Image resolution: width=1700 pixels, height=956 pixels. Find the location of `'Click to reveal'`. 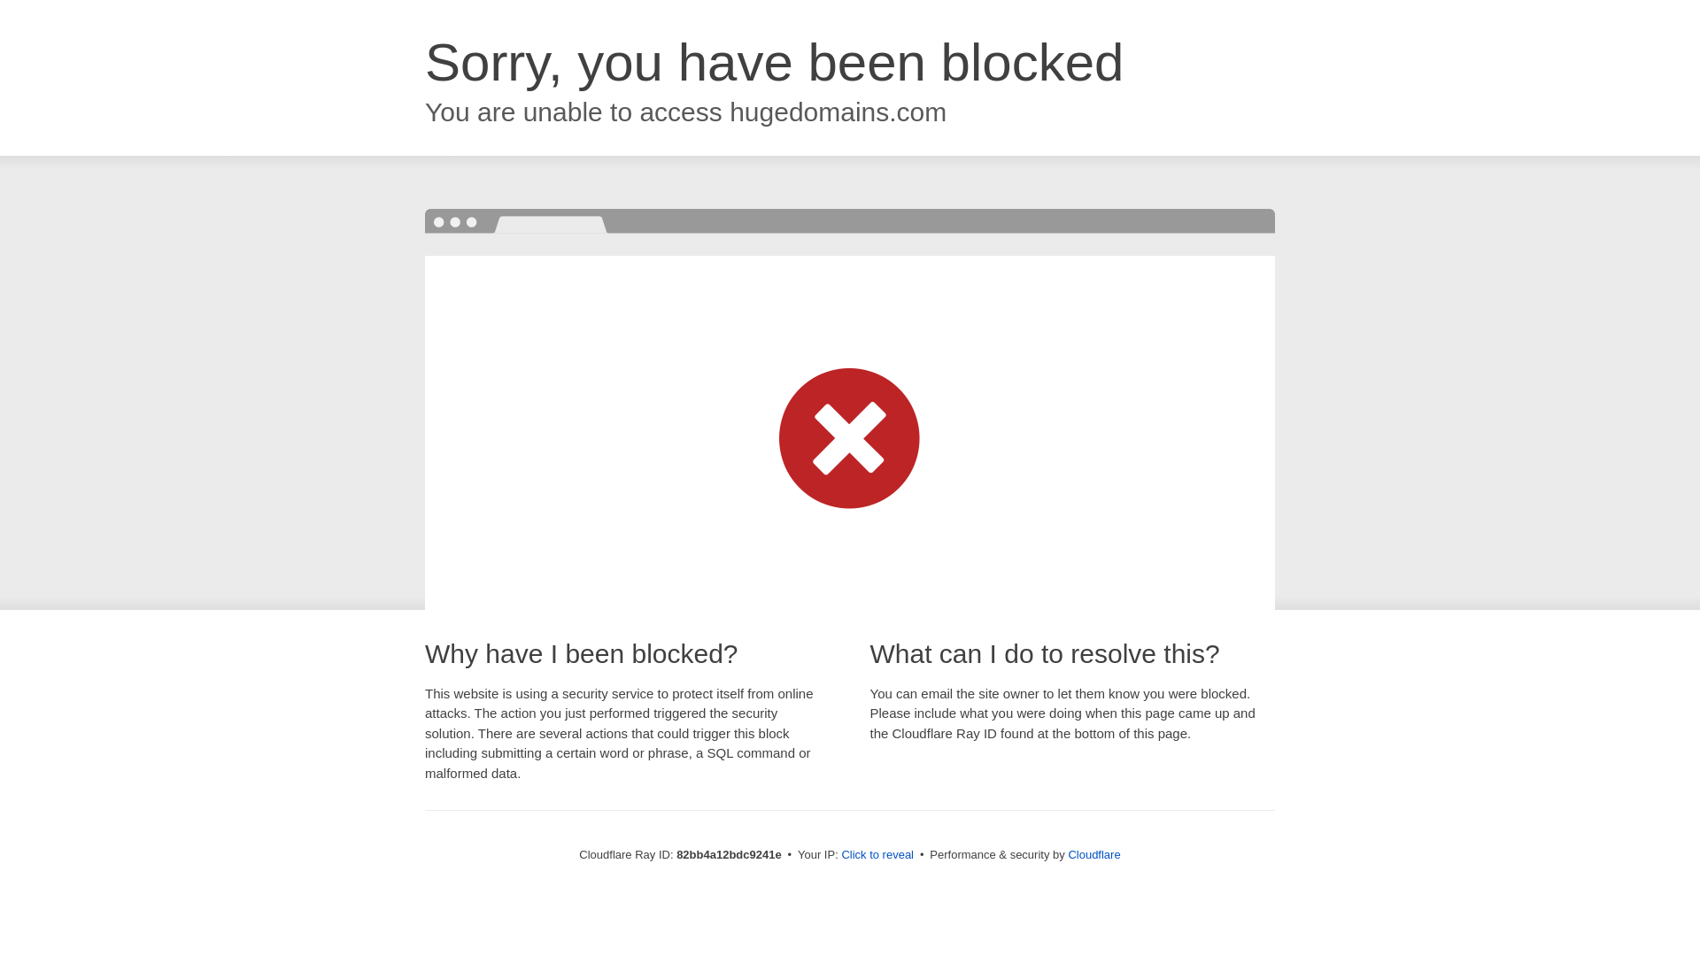

'Click to reveal' is located at coordinates (840, 853).